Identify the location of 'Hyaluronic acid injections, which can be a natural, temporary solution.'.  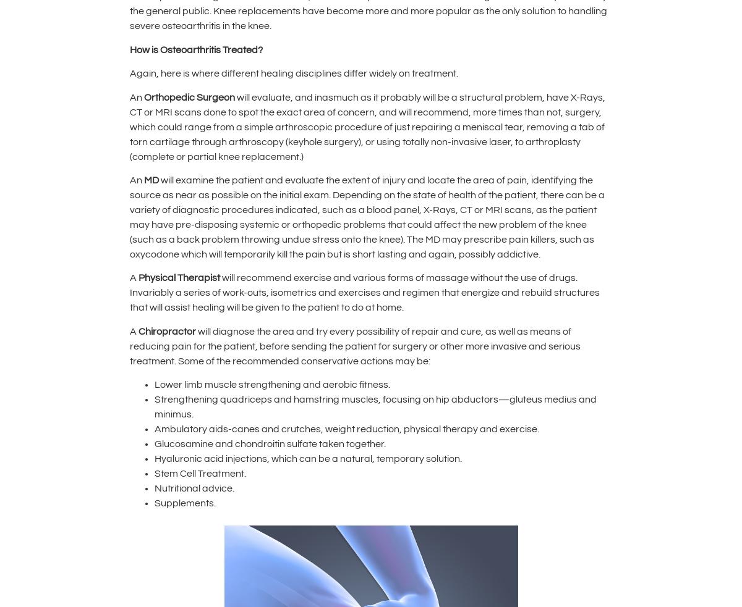
(309, 458).